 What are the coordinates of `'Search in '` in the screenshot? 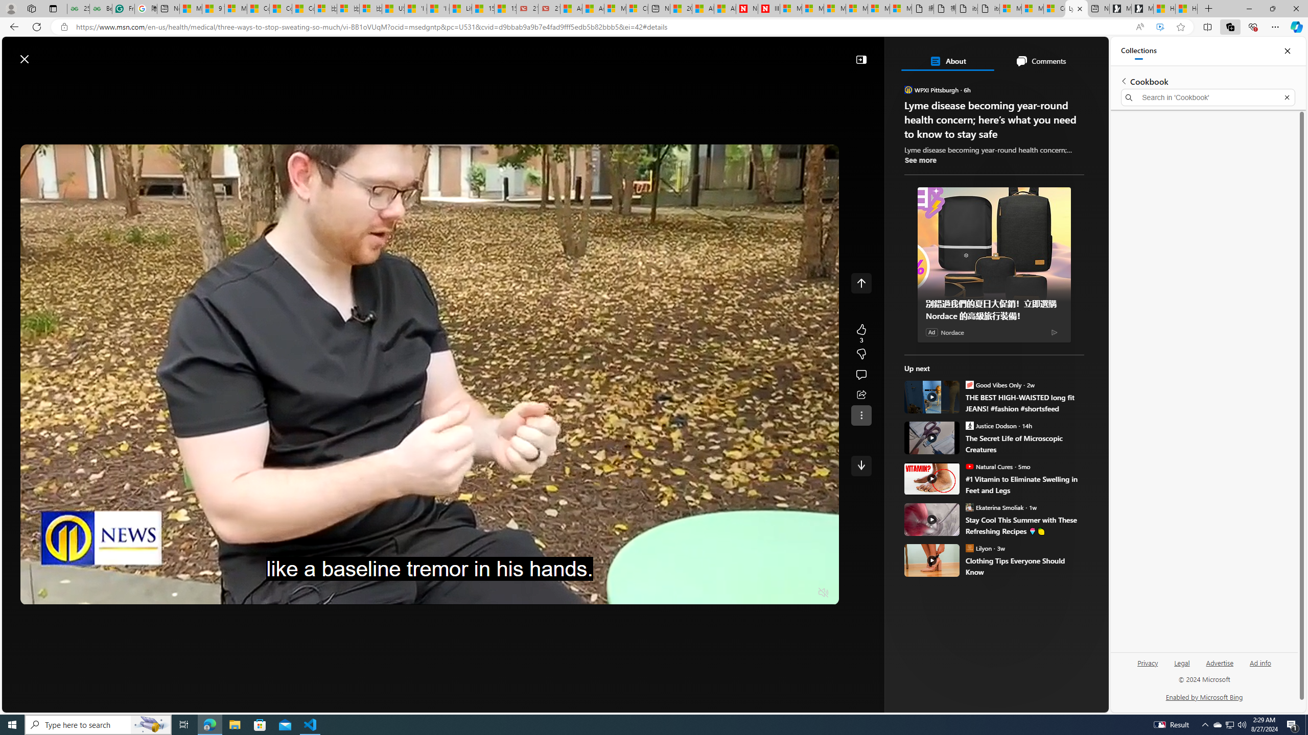 It's located at (1208, 97).